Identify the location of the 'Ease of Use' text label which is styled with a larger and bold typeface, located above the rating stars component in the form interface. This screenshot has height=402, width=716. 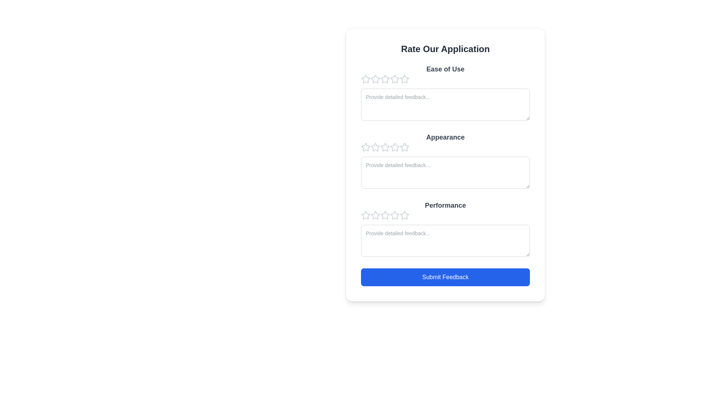
(445, 69).